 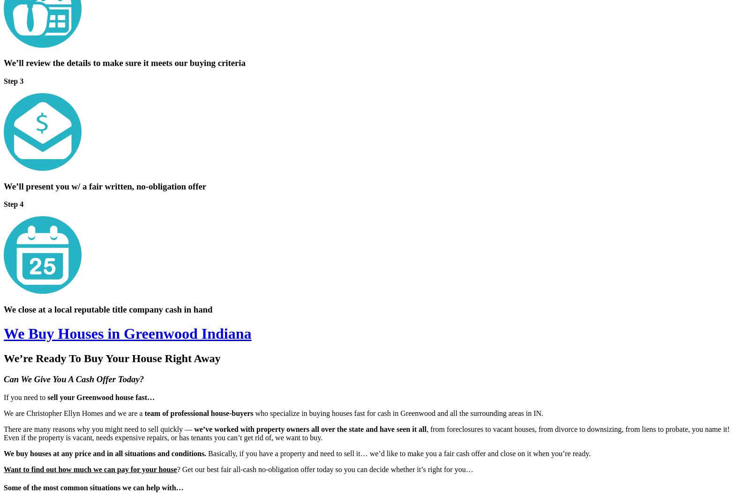 I want to click on 'We’ll present you w/ a fair written, no-obligation offer', so click(x=105, y=185).